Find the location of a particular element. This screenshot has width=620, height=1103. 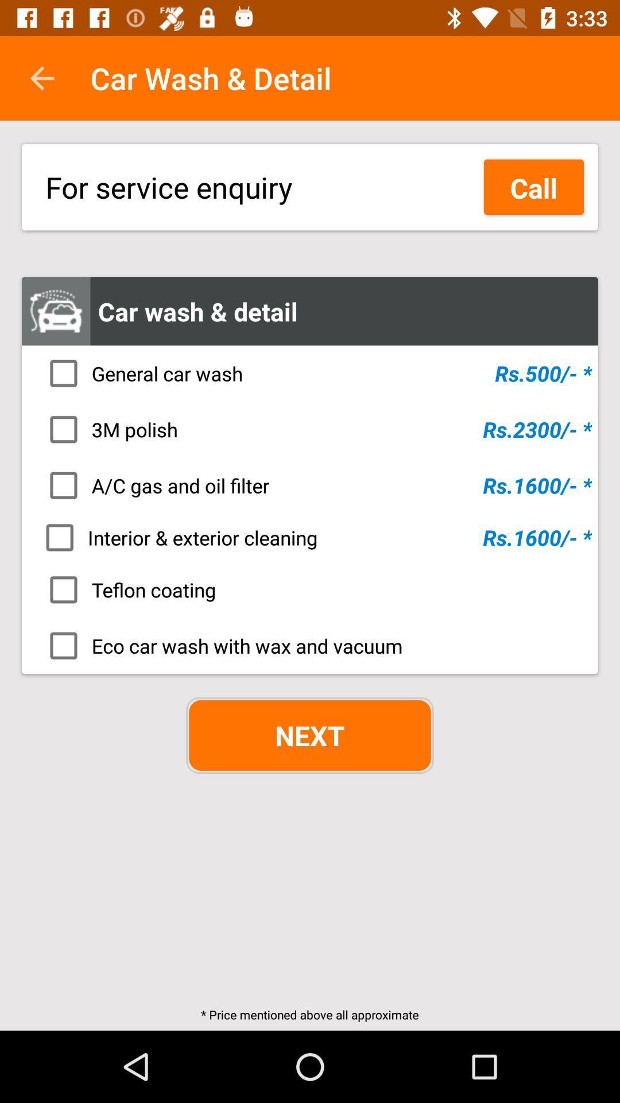

interior & exterior cleaning item is located at coordinates (313, 537).